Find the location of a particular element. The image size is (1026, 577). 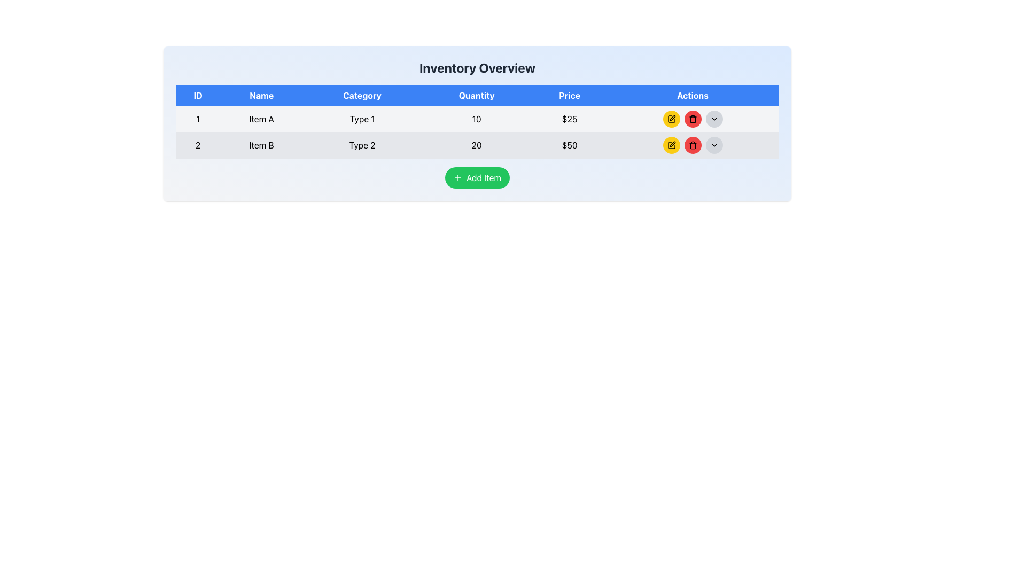

the price label for 'Item B' in the second row and fifth column of the 'Inventory Overview' table is located at coordinates (569, 145).